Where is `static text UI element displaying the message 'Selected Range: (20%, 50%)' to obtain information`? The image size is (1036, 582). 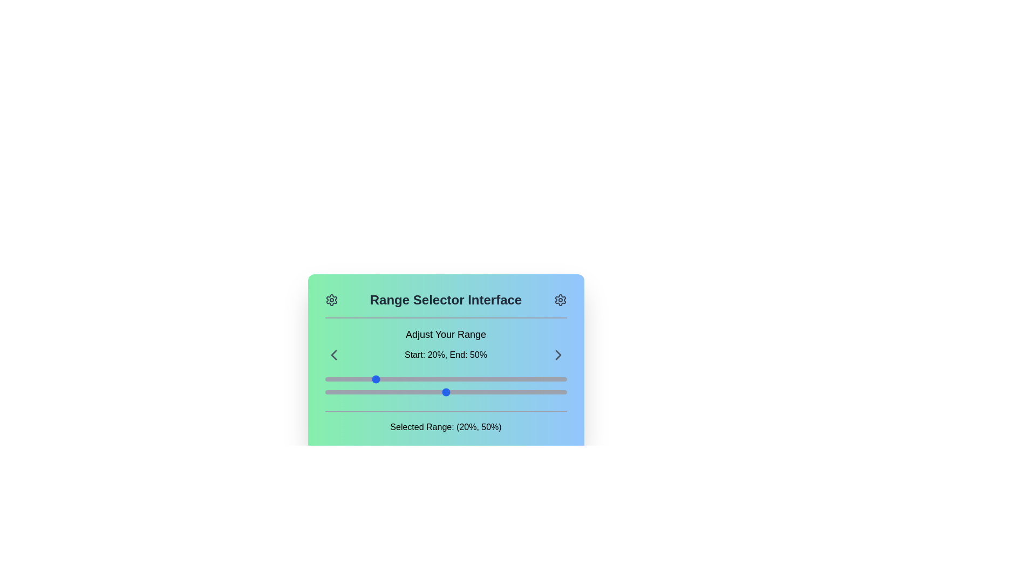 static text UI element displaying the message 'Selected Range: (20%, 50%)' to obtain information is located at coordinates (446, 427).